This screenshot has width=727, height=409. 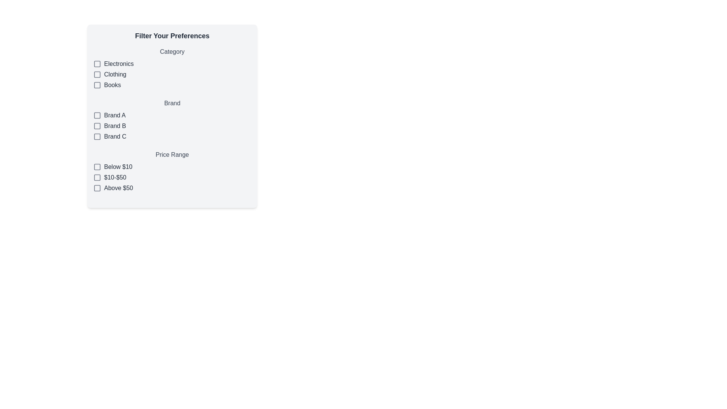 What do you see at coordinates (97, 85) in the screenshot?
I see `the third checkbox in the 'Filter Your Preferences' section under the 'Category' heading, which is aligned next to the label 'Books'` at bounding box center [97, 85].